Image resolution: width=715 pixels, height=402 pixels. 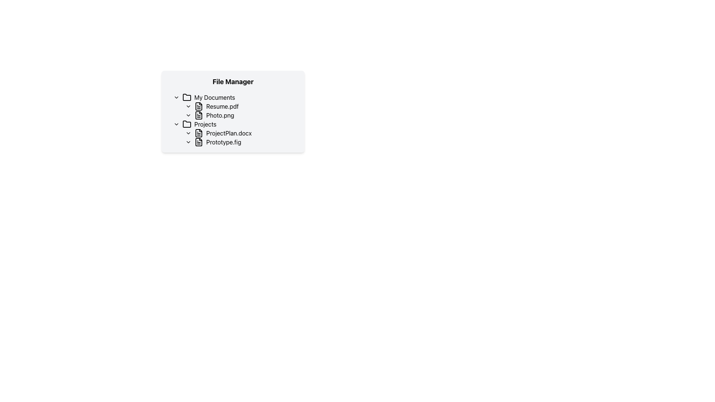 I want to click on the document icon representing 'Resume.pdf' in the 'My Documents' folder, so click(x=198, y=106).